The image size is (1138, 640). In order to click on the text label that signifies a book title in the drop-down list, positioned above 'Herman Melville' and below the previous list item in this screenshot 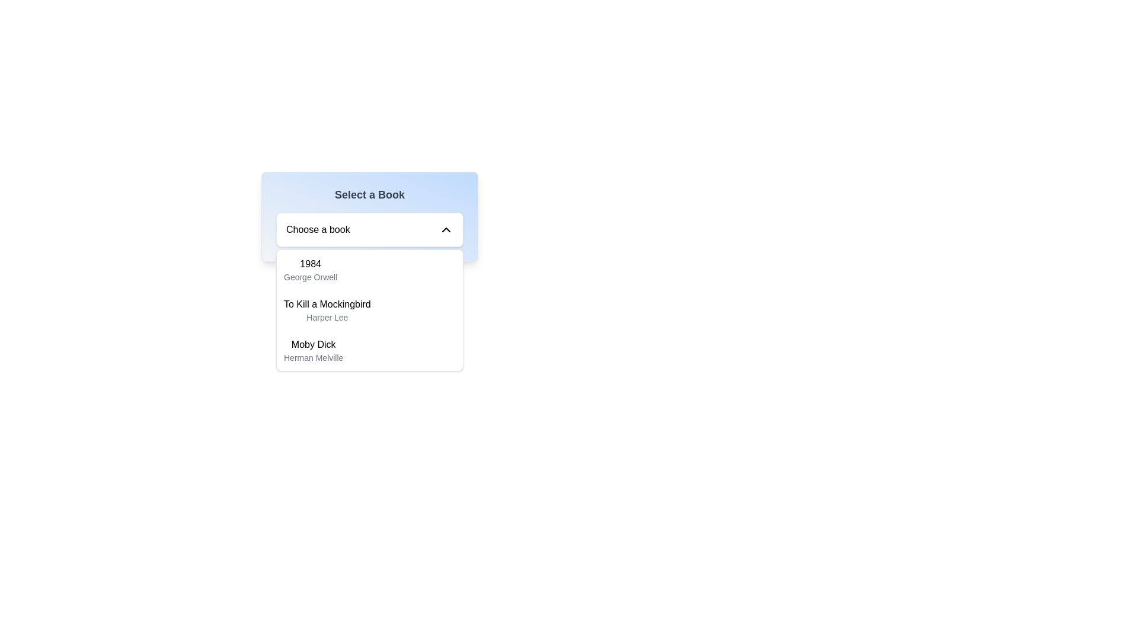, I will do `click(314, 345)`.